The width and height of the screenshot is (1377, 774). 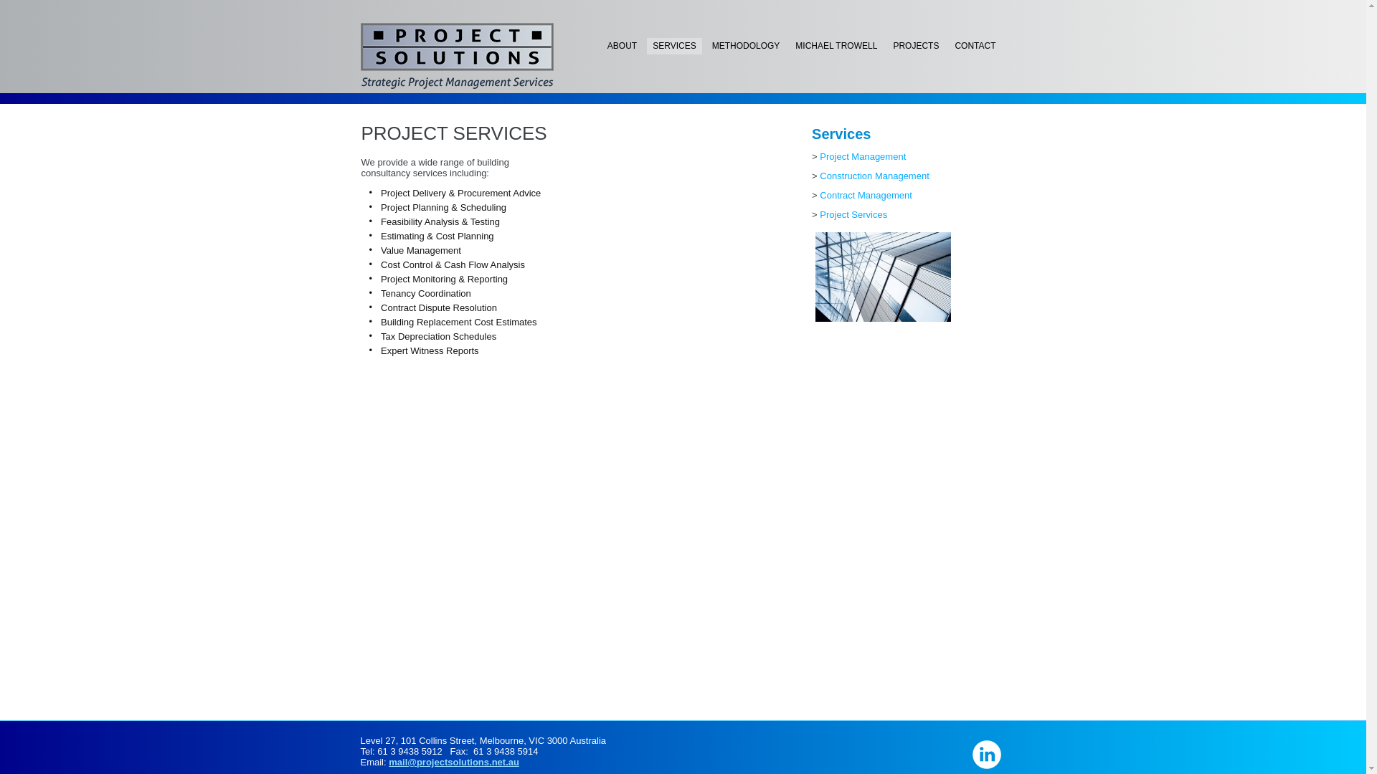 I want to click on 'Construction Management', so click(x=874, y=175).